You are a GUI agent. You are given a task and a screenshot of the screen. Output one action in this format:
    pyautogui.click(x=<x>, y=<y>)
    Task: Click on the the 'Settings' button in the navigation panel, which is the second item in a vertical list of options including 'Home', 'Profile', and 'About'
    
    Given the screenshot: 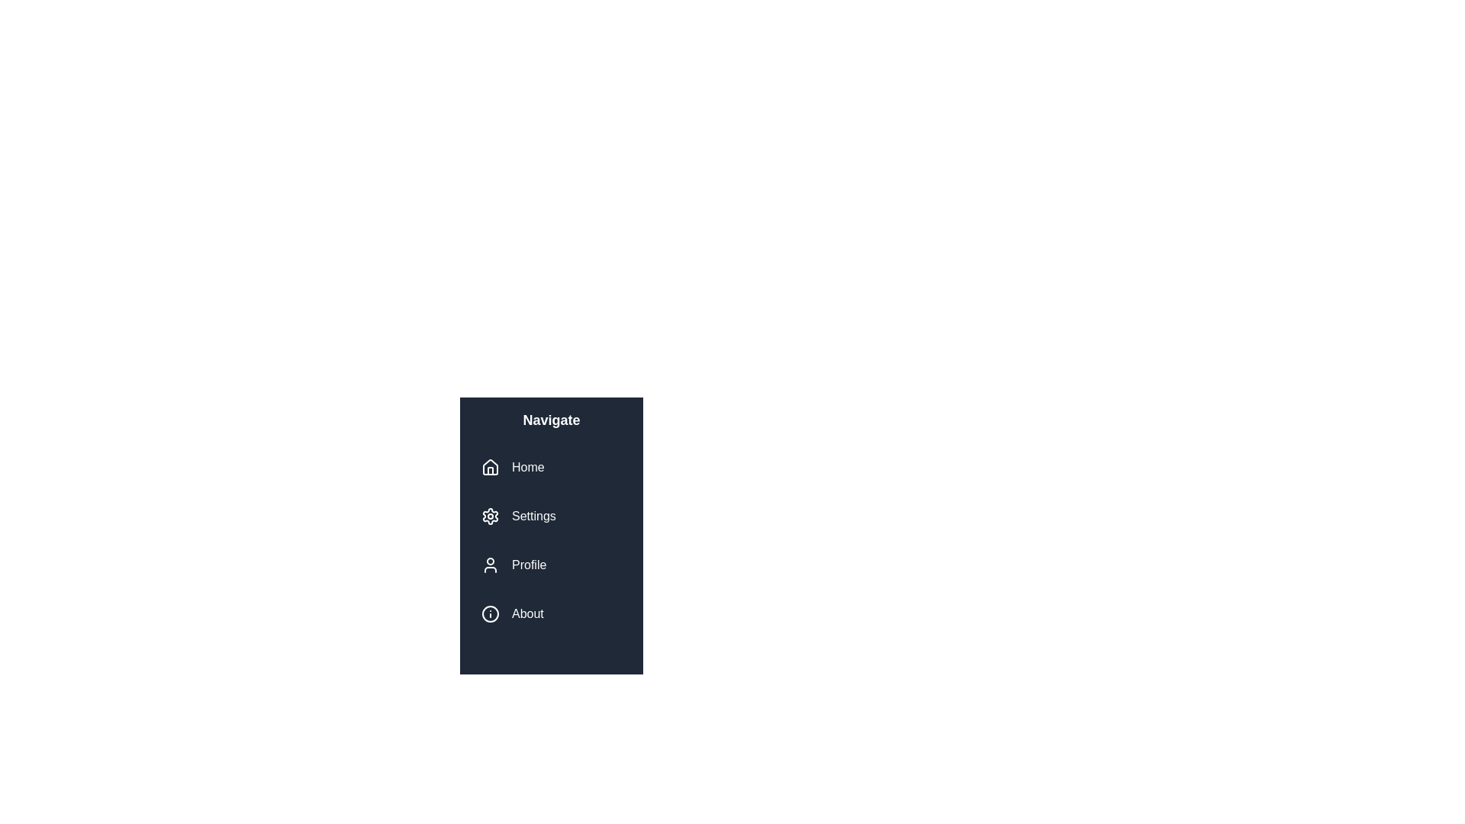 What is the action you would take?
    pyautogui.click(x=551, y=516)
    